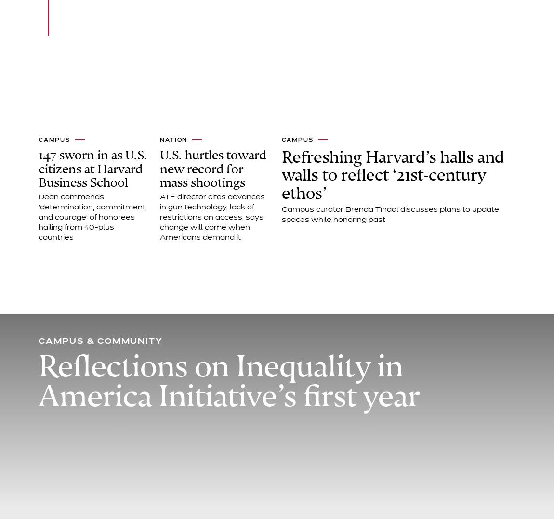 The height and width of the screenshot is (519, 554). What do you see at coordinates (100, 341) in the screenshot?
I see `'Campus & Community'` at bounding box center [100, 341].